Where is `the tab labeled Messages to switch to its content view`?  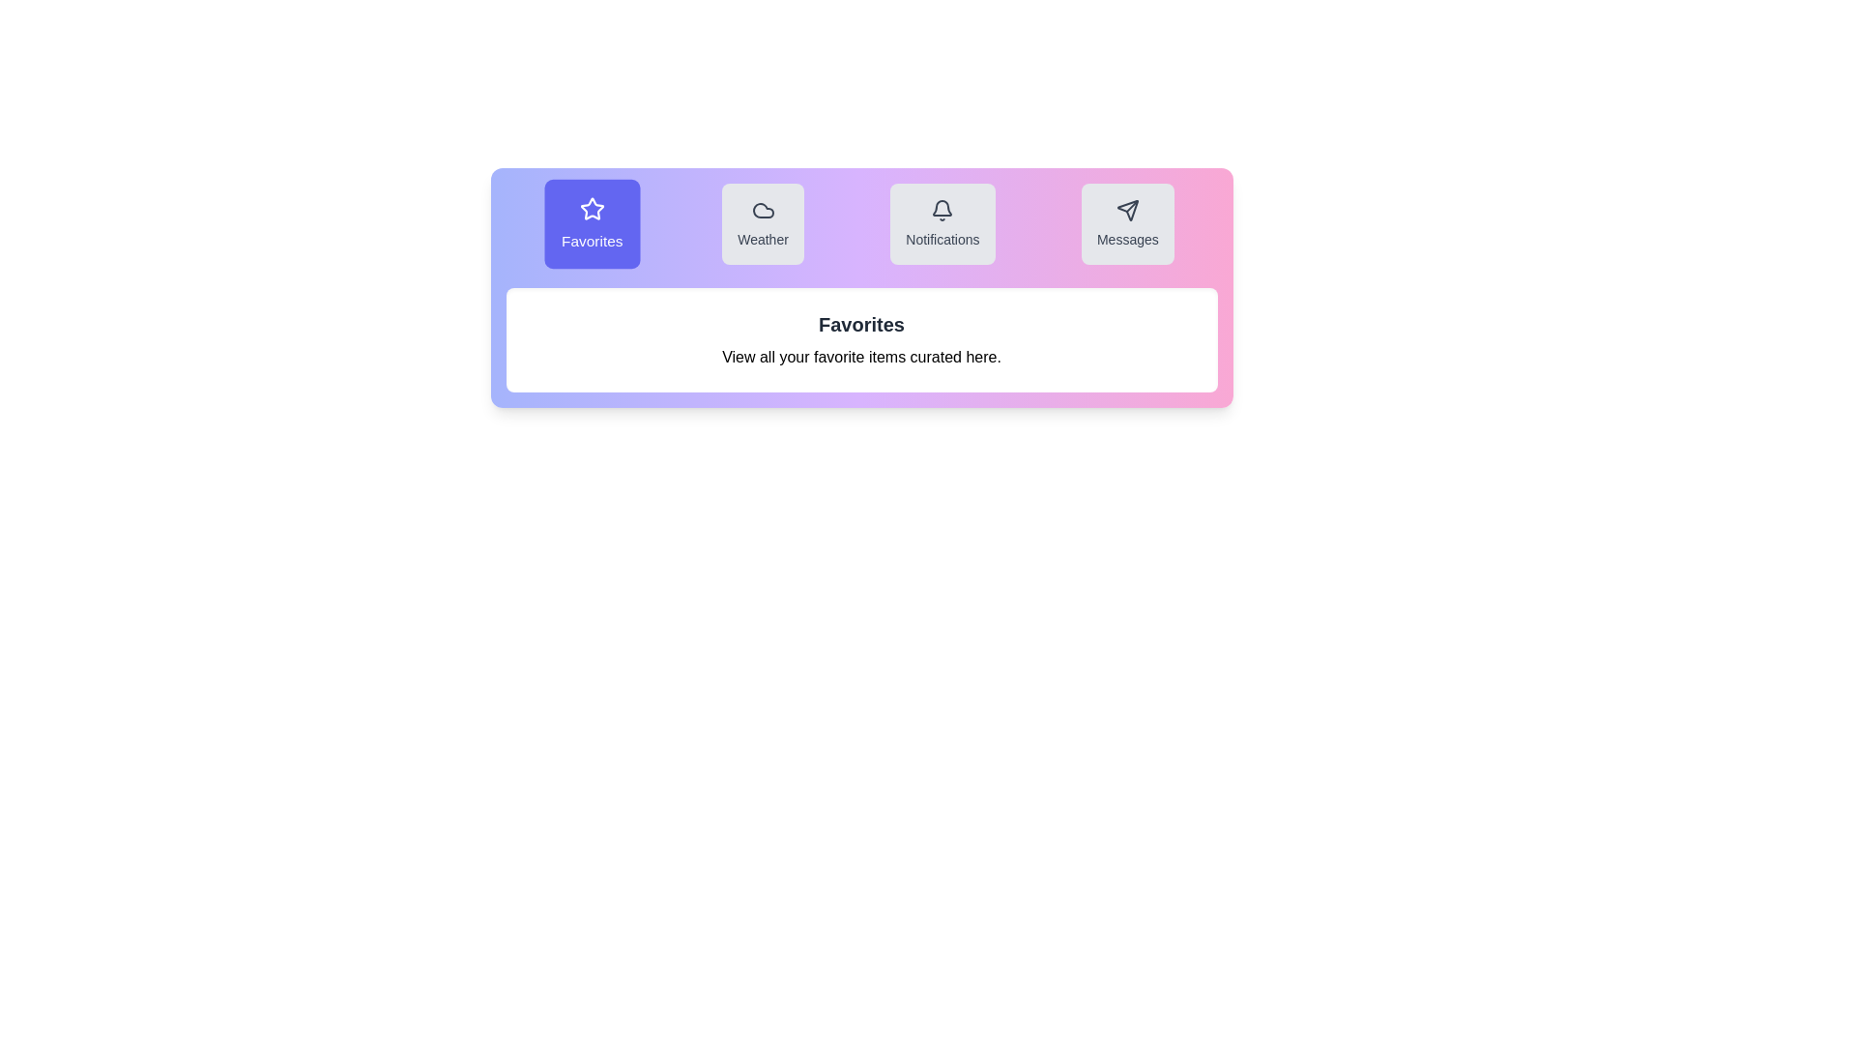
the tab labeled Messages to switch to its content view is located at coordinates (1127, 222).